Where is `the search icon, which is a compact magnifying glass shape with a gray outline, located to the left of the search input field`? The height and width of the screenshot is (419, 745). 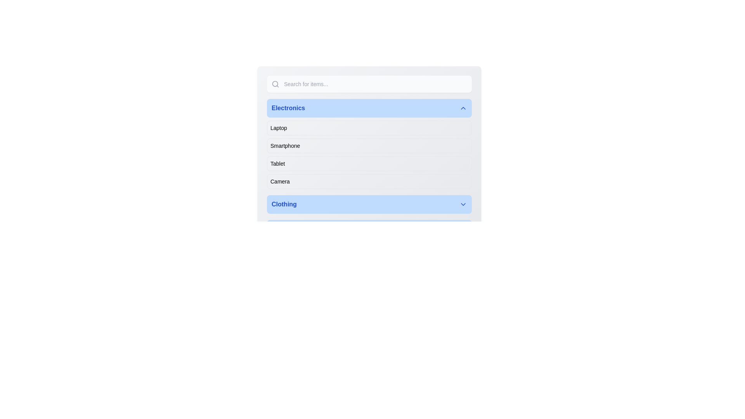
the search icon, which is a compact magnifying glass shape with a gray outline, located to the left of the search input field is located at coordinates (275, 84).